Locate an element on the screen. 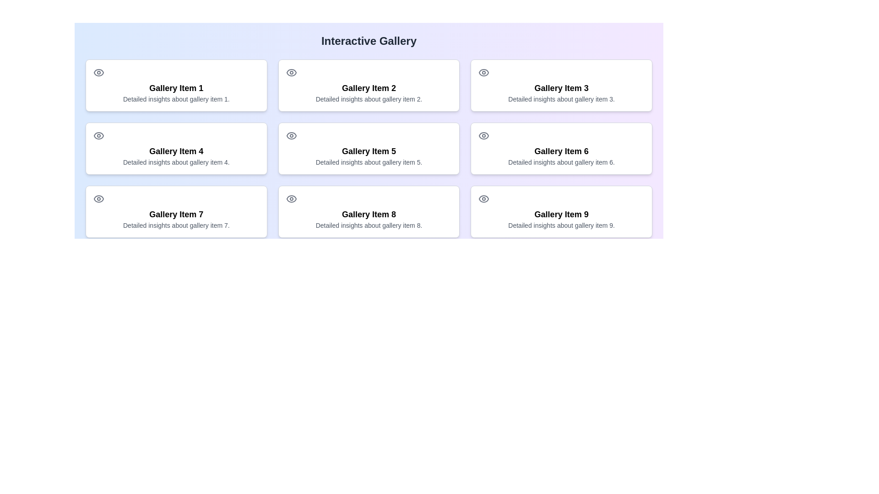  the text label displaying 'Gallery Item 3' which is bold, larger, and centrally aligned within its card is located at coordinates (561, 88).